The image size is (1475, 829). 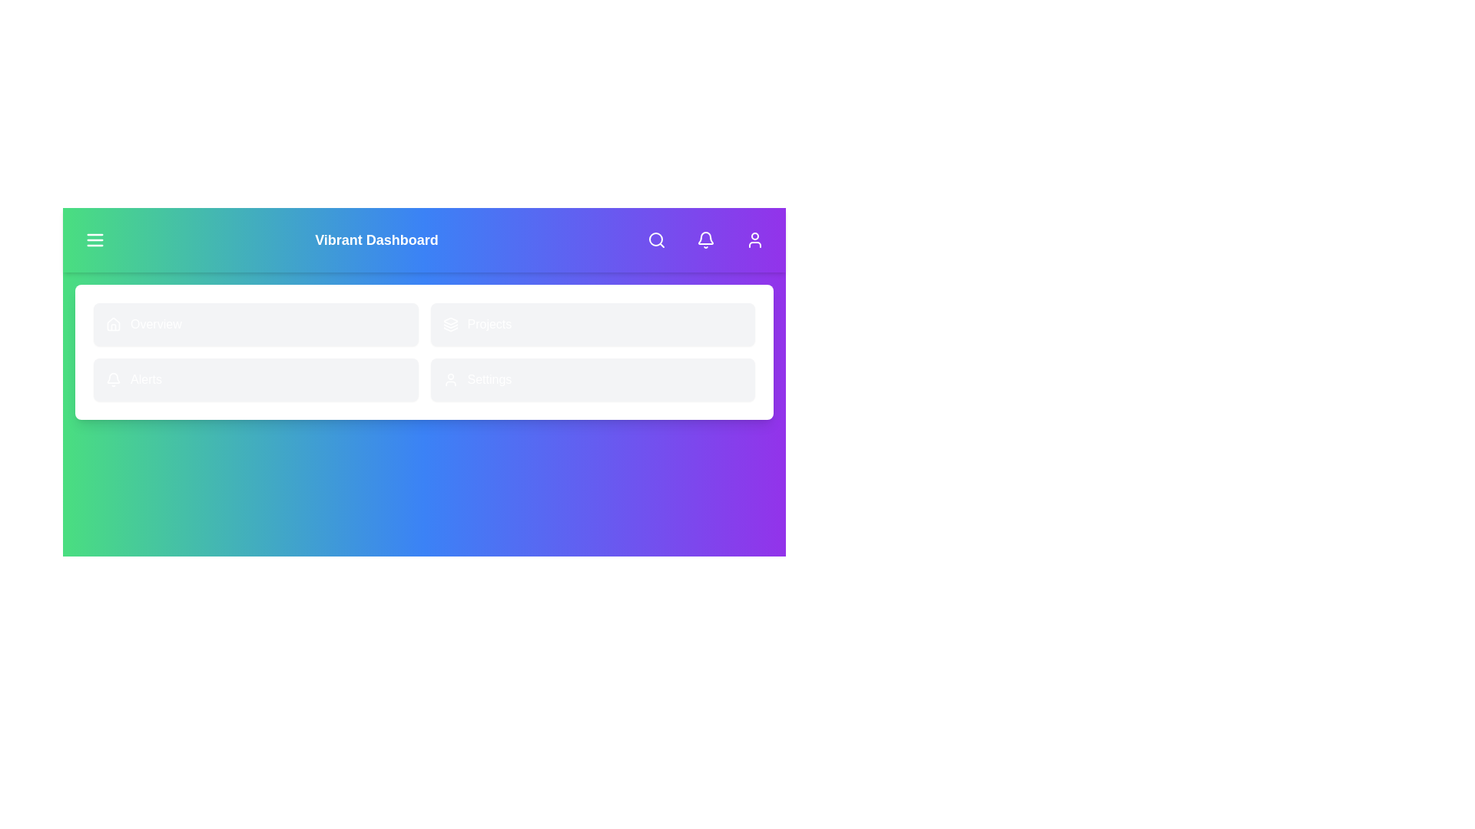 What do you see at coordinates (656, 239) in the screenshot?
I see `search button at the top right of the app bar` at bounding box center [656, 239].